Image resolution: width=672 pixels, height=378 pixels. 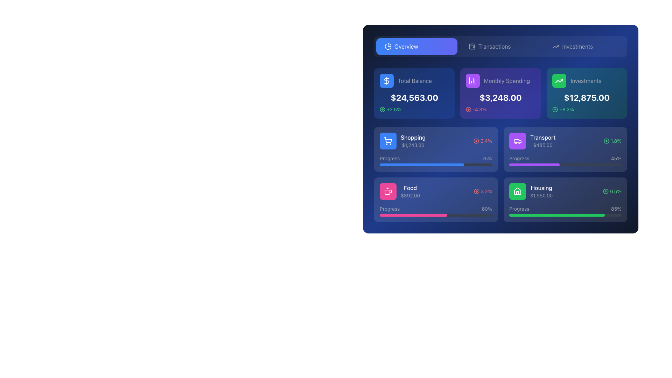 What do you see at coordinates (421, 164) in the screenshot?
I see `the 'Shopping' progress bar segment which visually indicates 75% completion, located within the second widget on the first row of tiles` at bounding box center [421, 164].